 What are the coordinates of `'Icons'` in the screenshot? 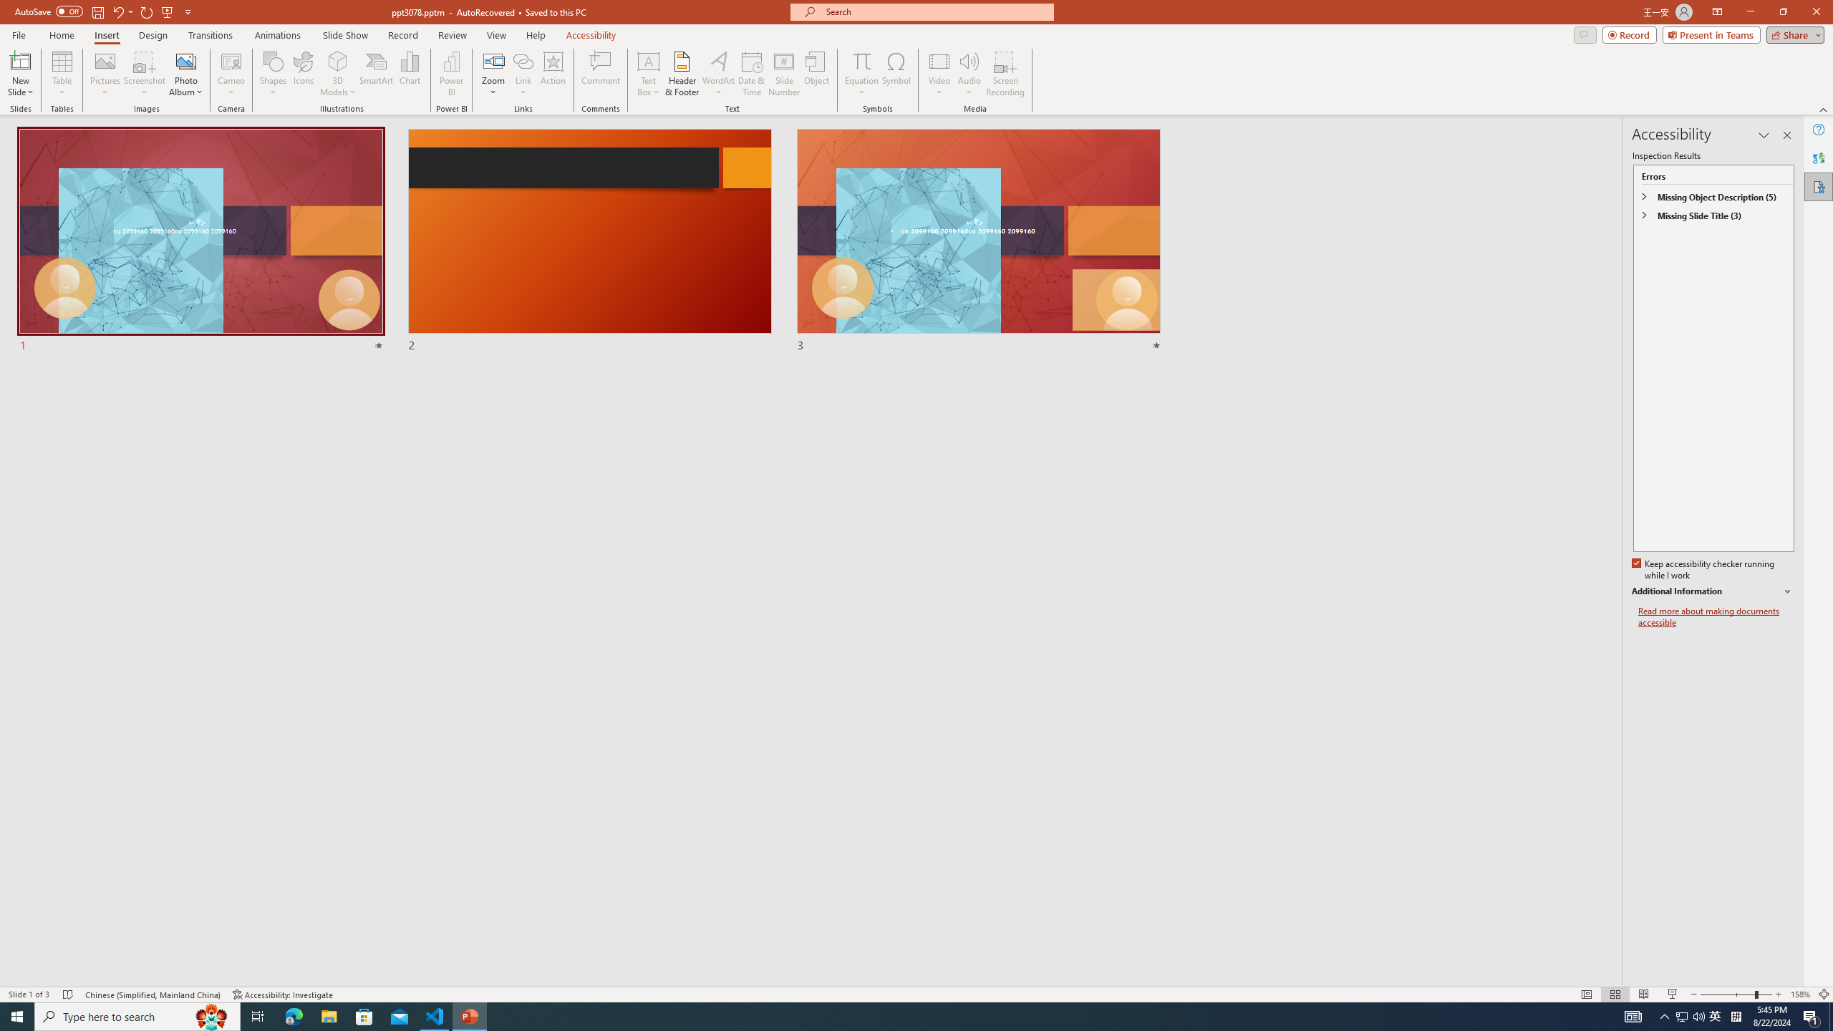 It's located at (303, 74).